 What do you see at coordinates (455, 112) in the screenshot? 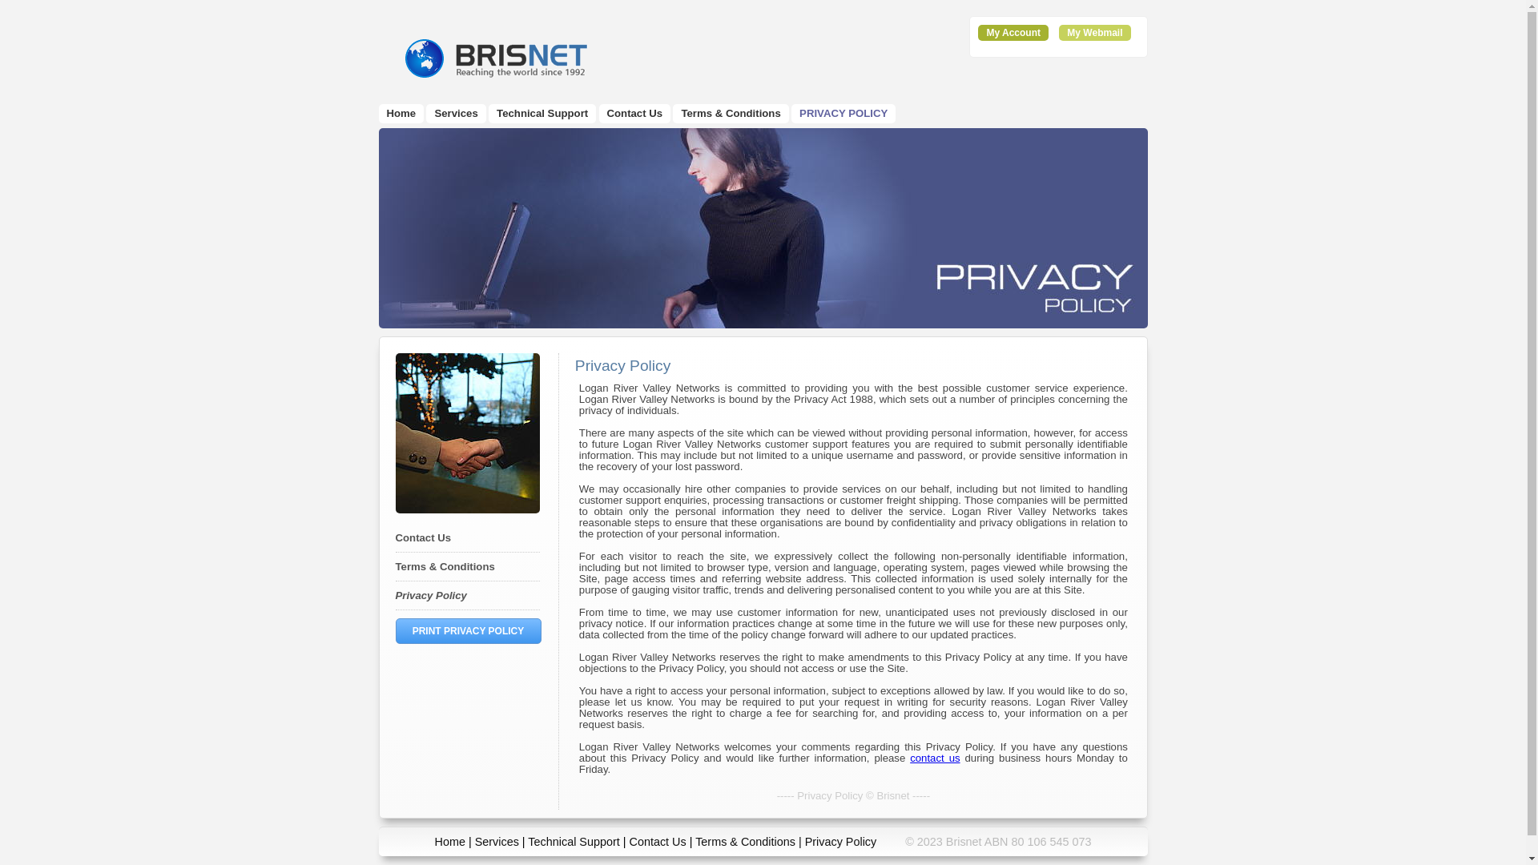
I see `'Services'` at bounding box center [455, 112].